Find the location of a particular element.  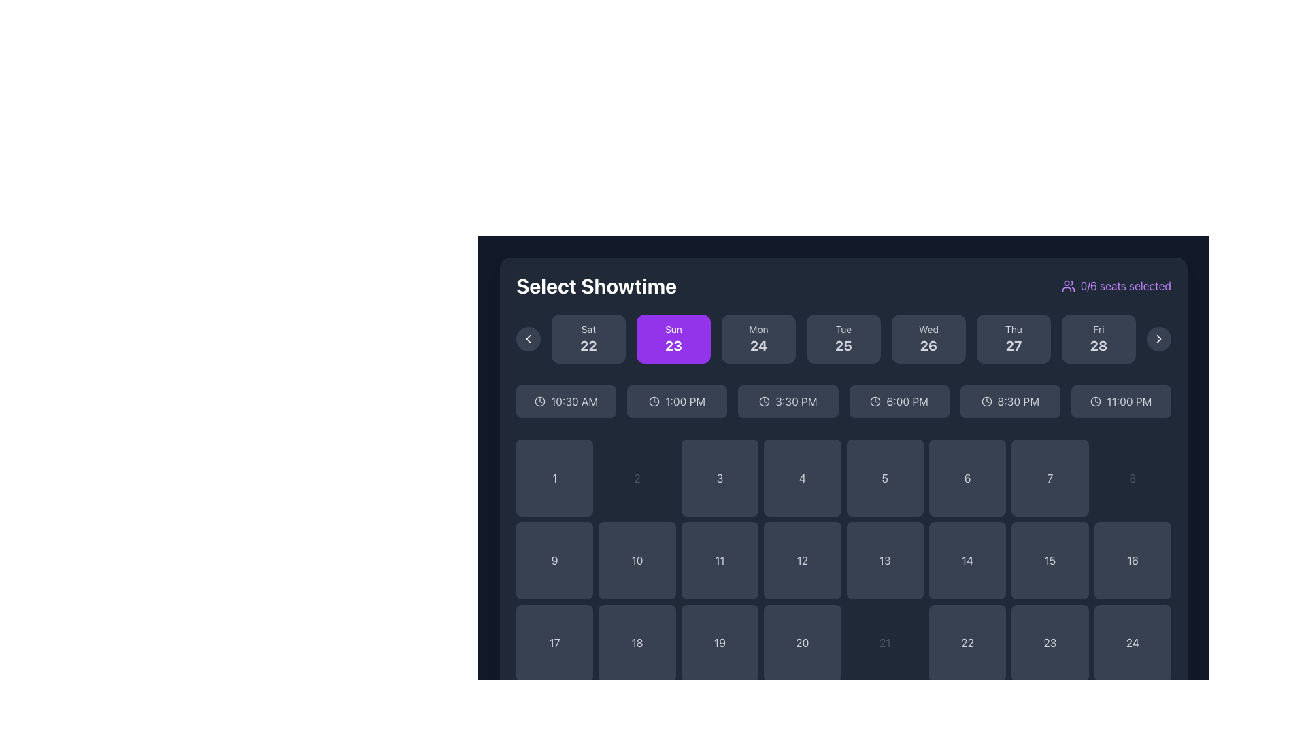

the button in the third row and second column of the number selection grid is located at coordinates (637, 642).